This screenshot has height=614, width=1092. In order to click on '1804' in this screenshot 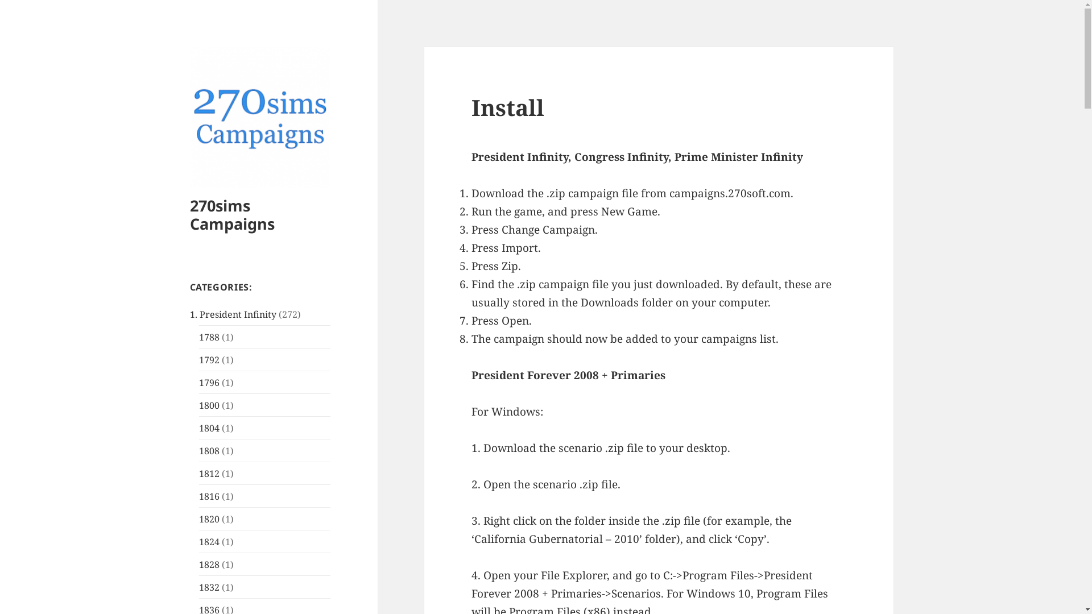, I will do `click(209, 428)`.